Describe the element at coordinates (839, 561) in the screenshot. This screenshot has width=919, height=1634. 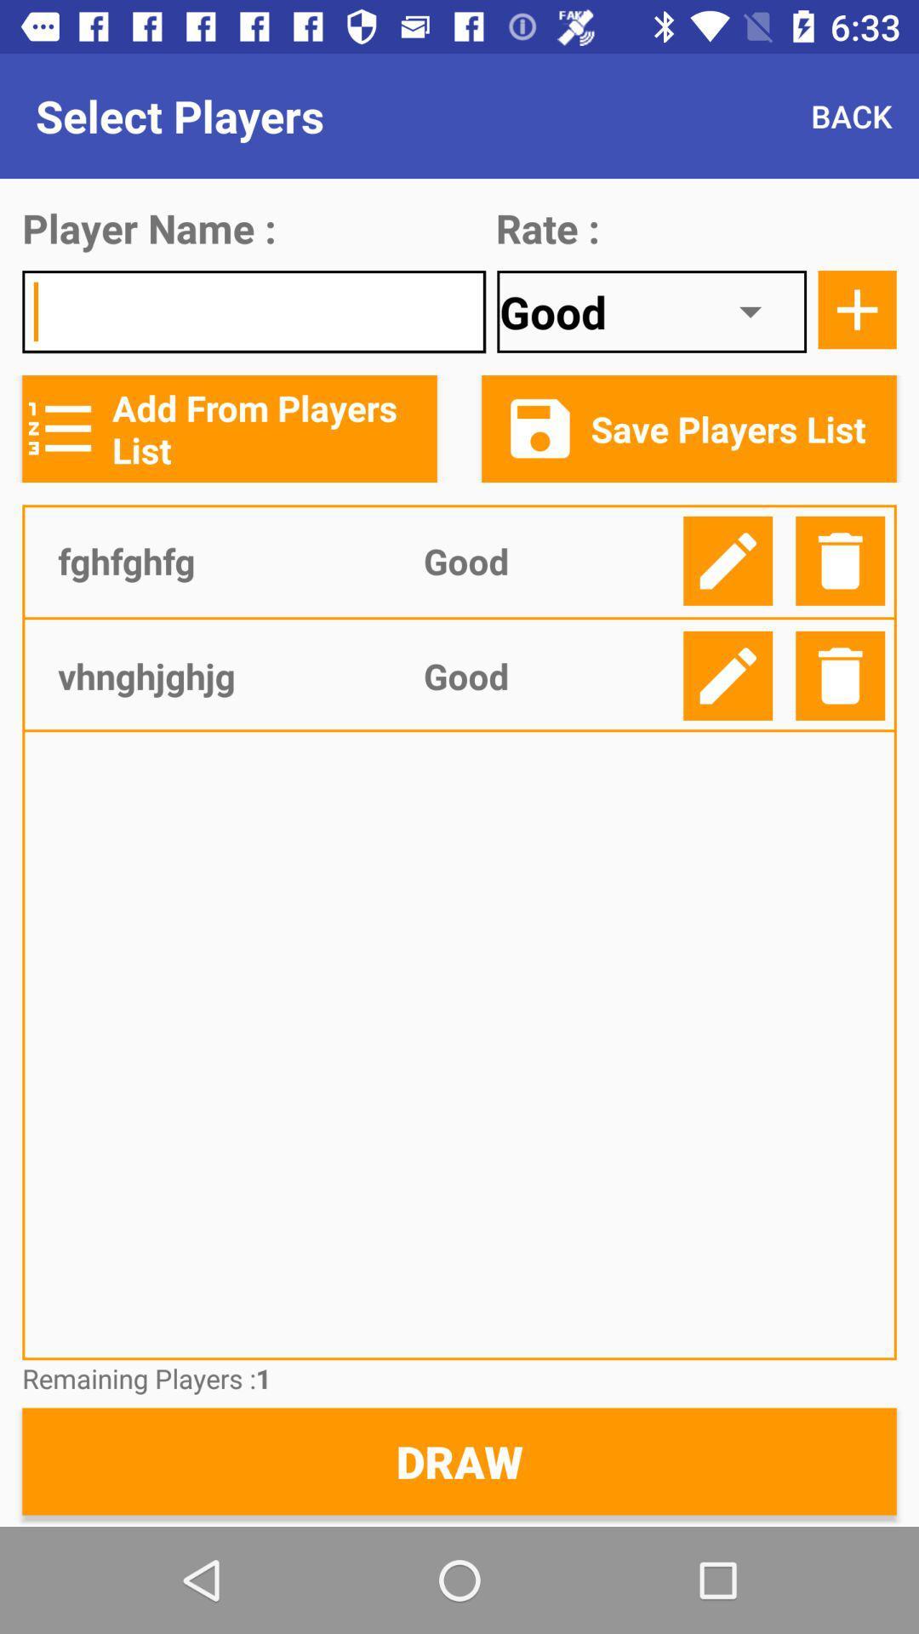
I see `shows delete option` at that location.